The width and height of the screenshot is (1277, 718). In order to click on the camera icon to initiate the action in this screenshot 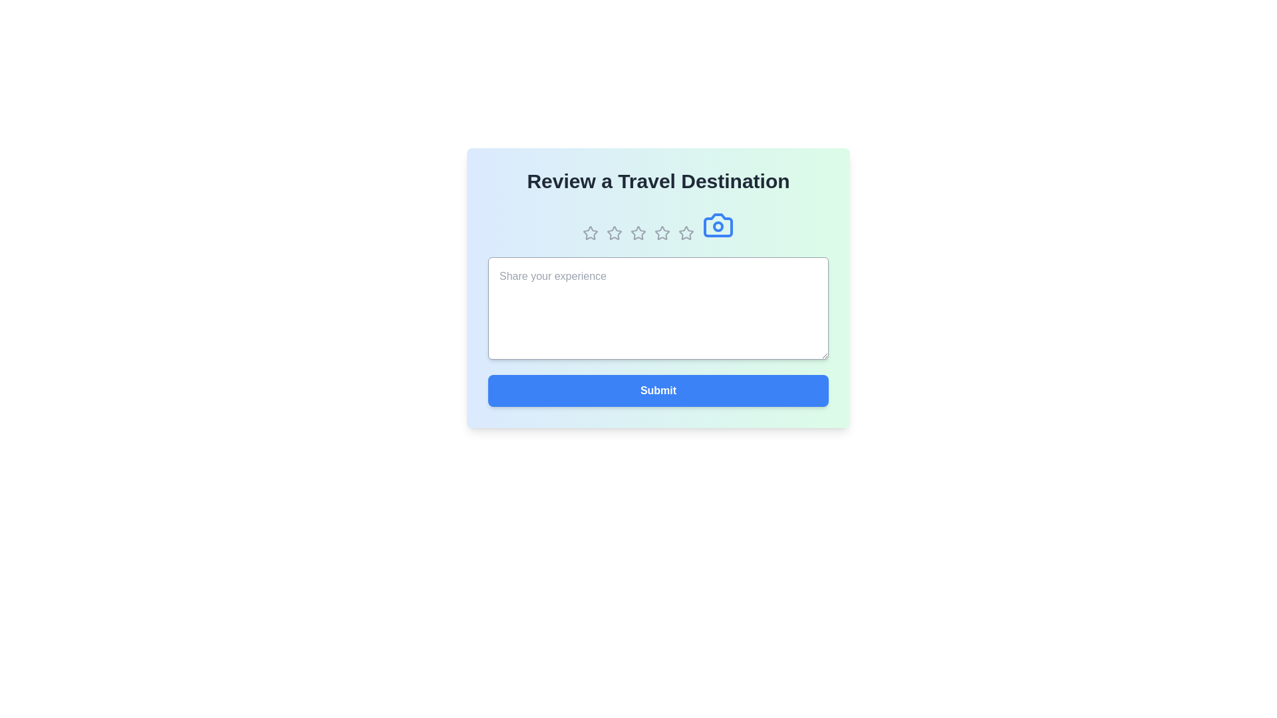, I will do `click(718, 225)`.